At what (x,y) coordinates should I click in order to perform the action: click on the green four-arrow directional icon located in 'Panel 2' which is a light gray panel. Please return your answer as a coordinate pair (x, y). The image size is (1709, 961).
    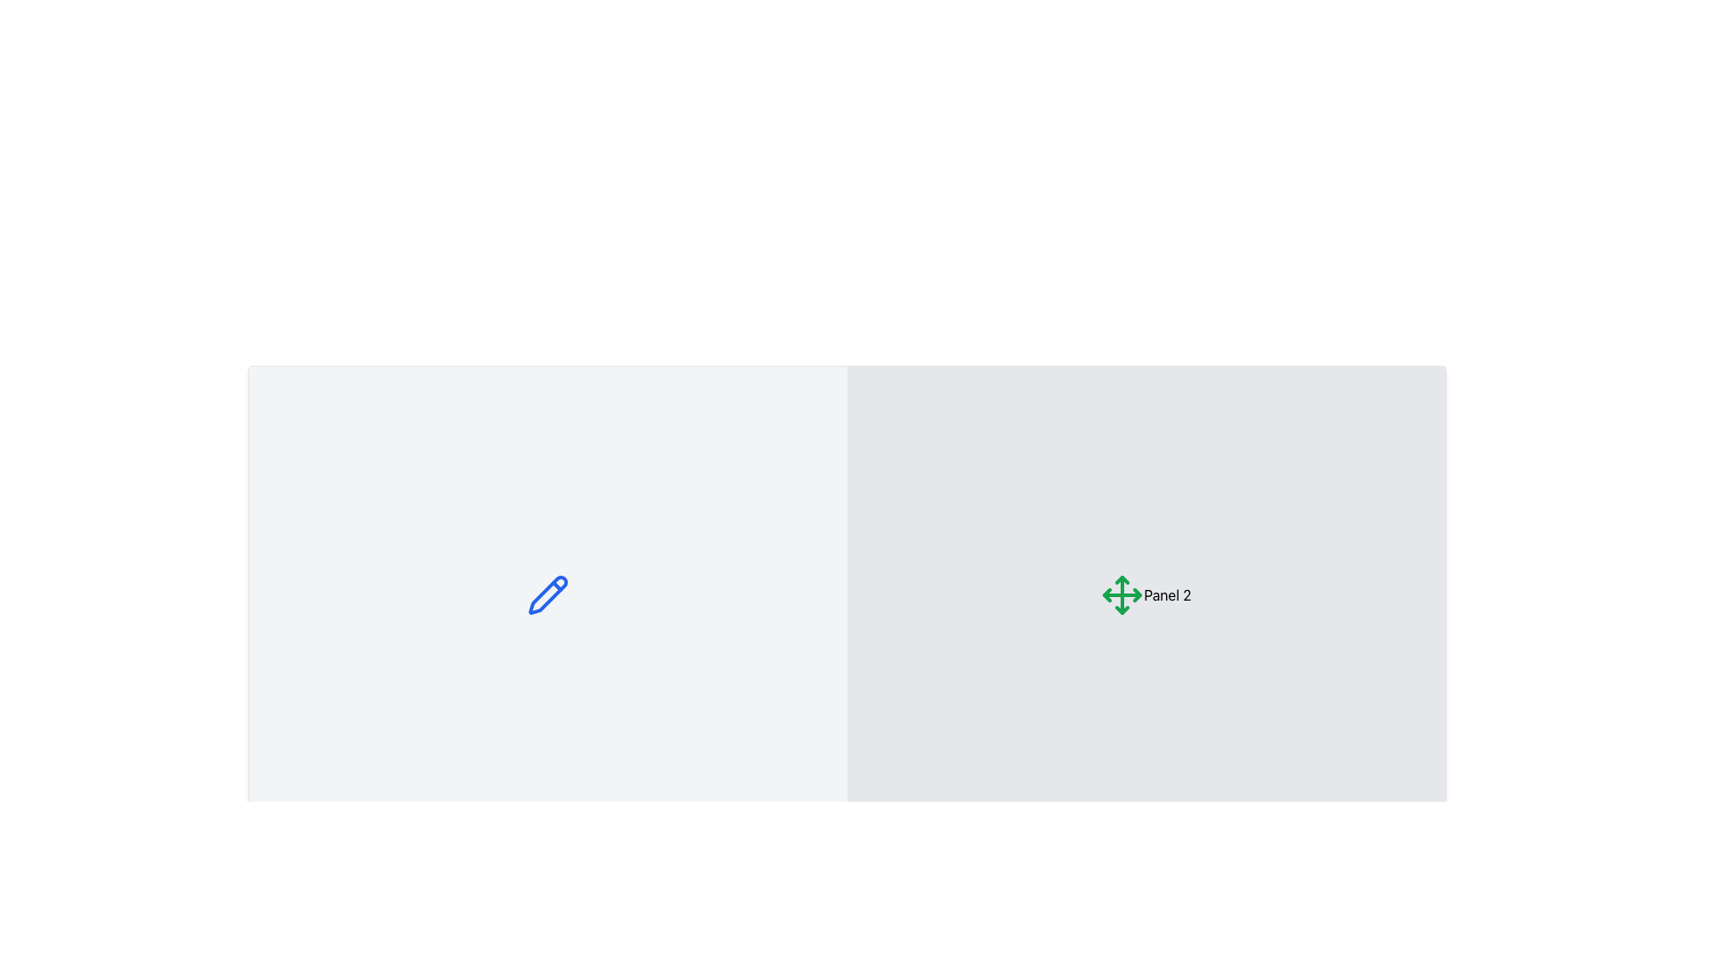
    Looking at the image, I should click on (1122, 594).